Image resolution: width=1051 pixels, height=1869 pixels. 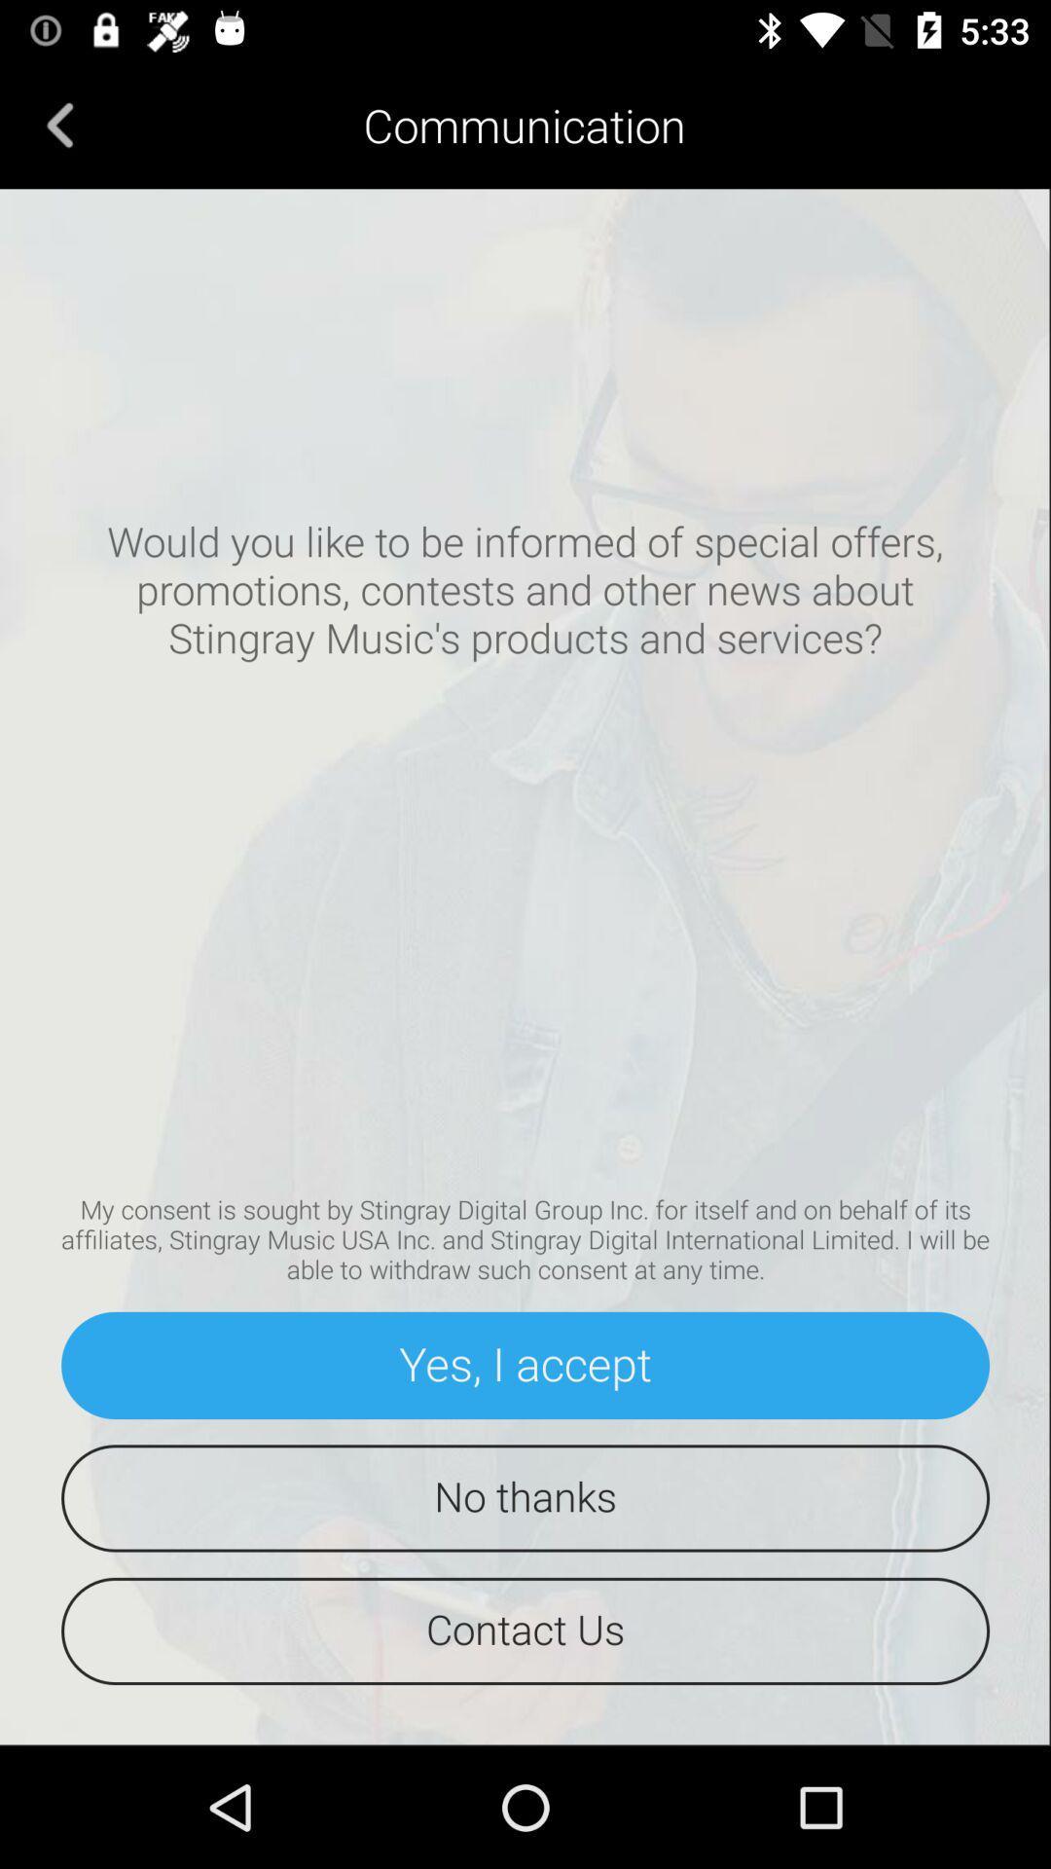 What do you see at coordinates (525, 1497) in the screenshot?
I see `the no thanks` at bounding box center [525, 1497].